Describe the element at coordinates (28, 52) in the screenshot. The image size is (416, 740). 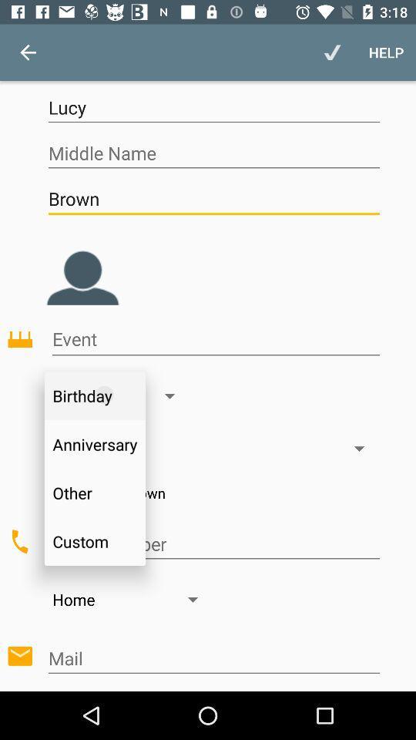
I see `the icon at the top left corner` at that location.